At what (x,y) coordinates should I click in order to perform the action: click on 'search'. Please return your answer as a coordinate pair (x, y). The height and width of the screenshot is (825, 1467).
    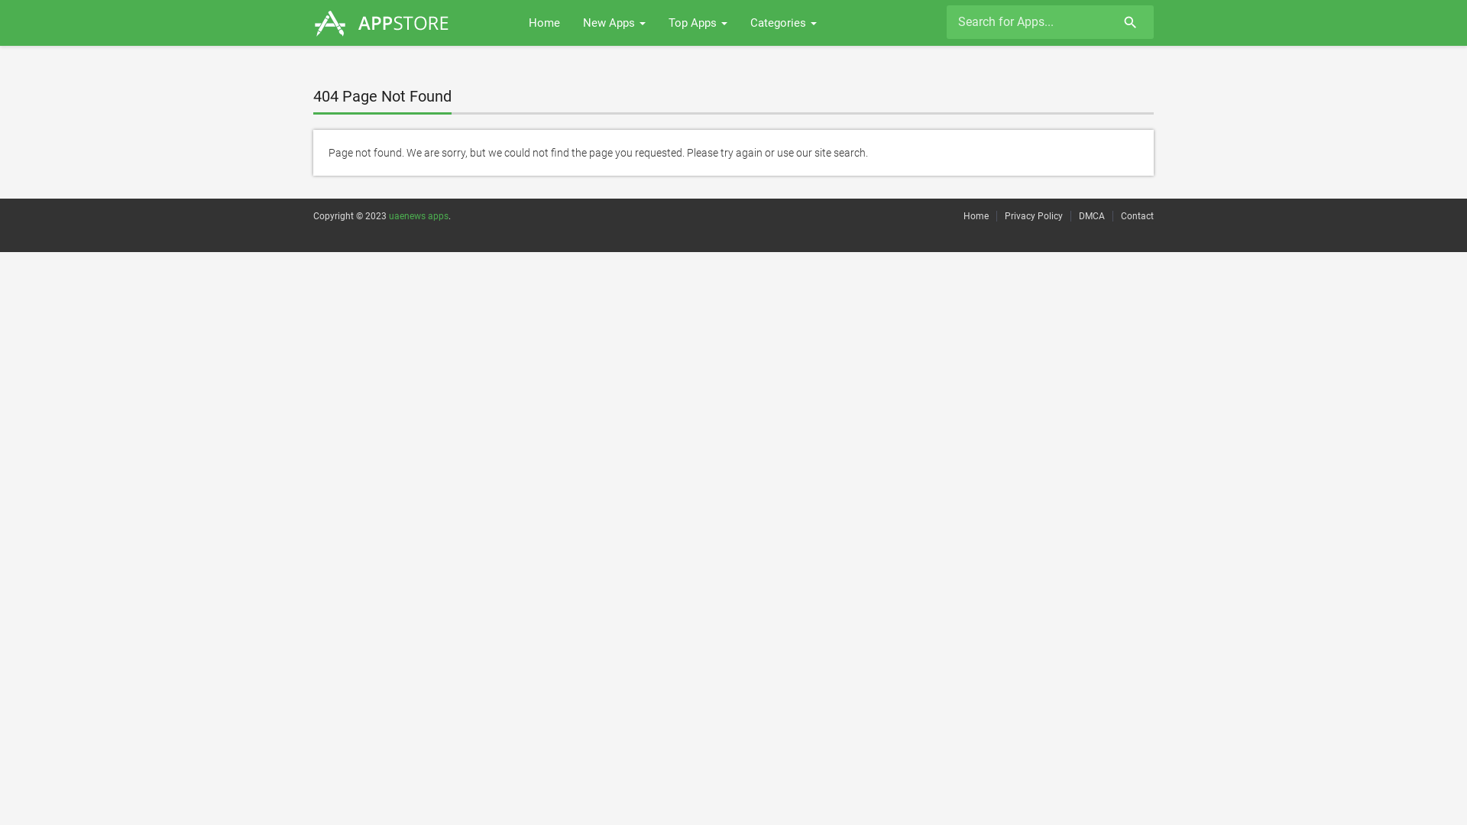
    Looking at the image, I should click on (1128, 24).